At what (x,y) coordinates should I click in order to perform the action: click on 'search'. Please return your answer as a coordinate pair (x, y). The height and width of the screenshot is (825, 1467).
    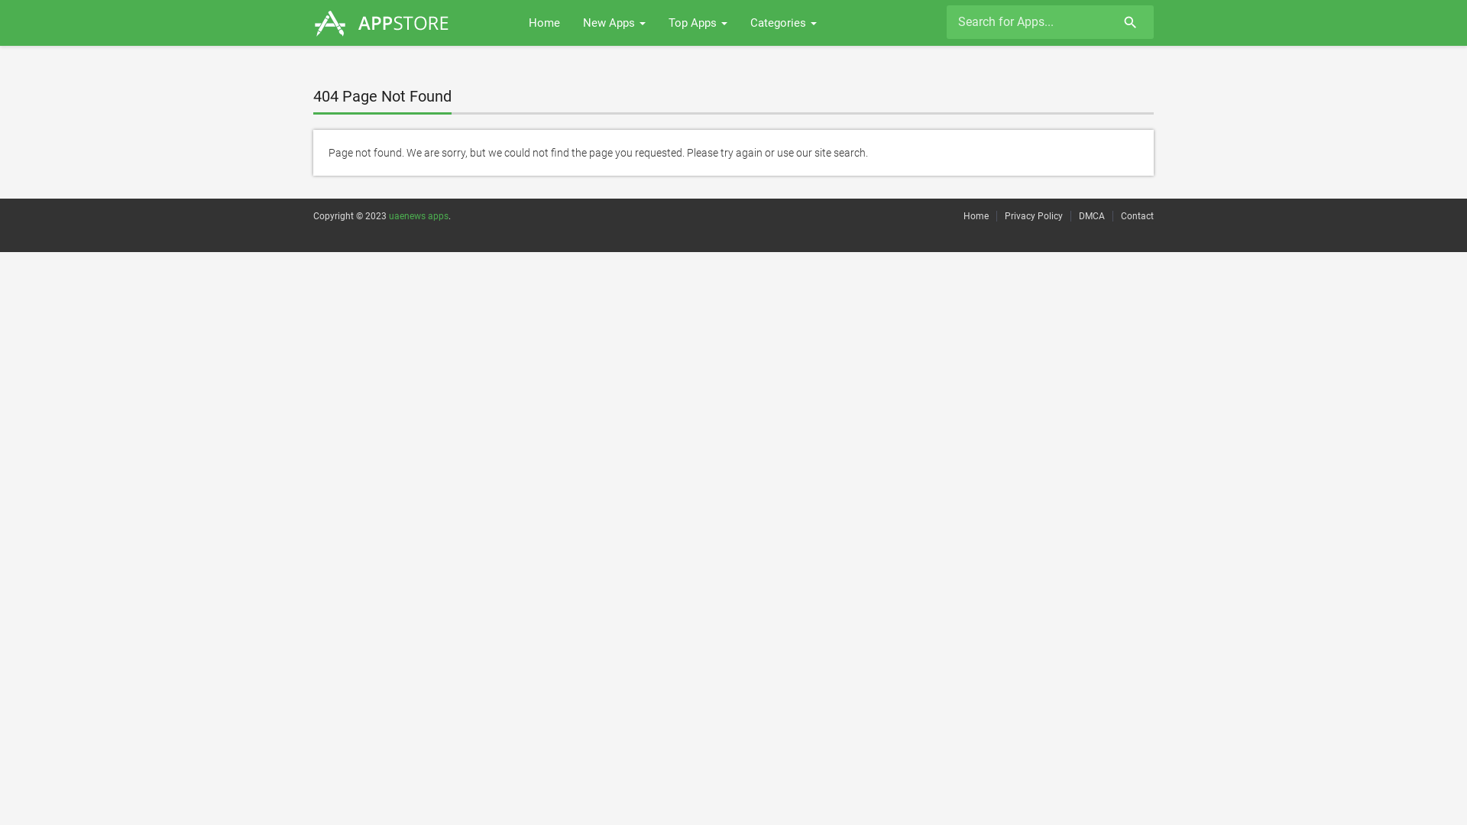
    Looking at the image, I should click on (1128, 24).